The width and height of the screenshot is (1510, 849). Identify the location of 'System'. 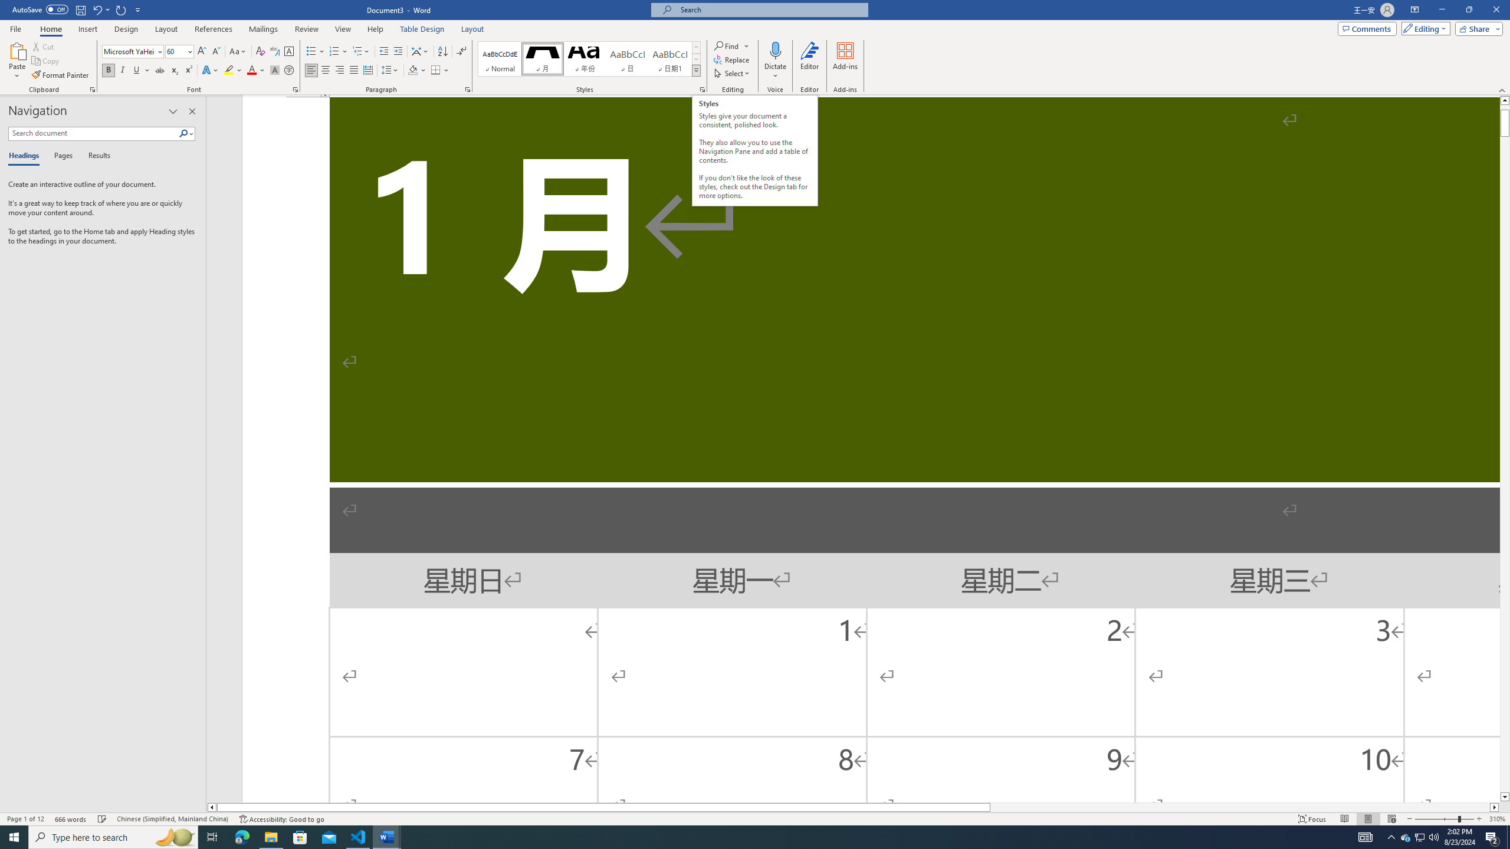
(6, 5).